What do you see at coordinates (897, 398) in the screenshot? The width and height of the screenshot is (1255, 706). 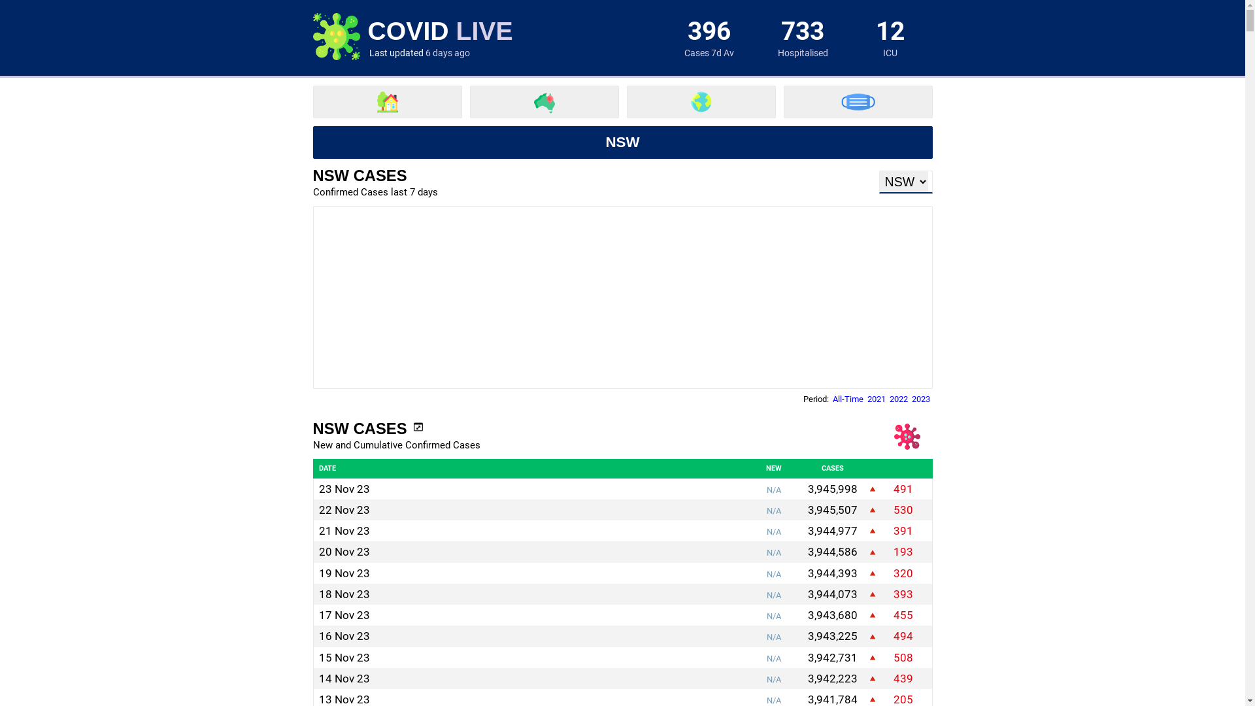 I see `'2022'` at bounding box center [897, 398].